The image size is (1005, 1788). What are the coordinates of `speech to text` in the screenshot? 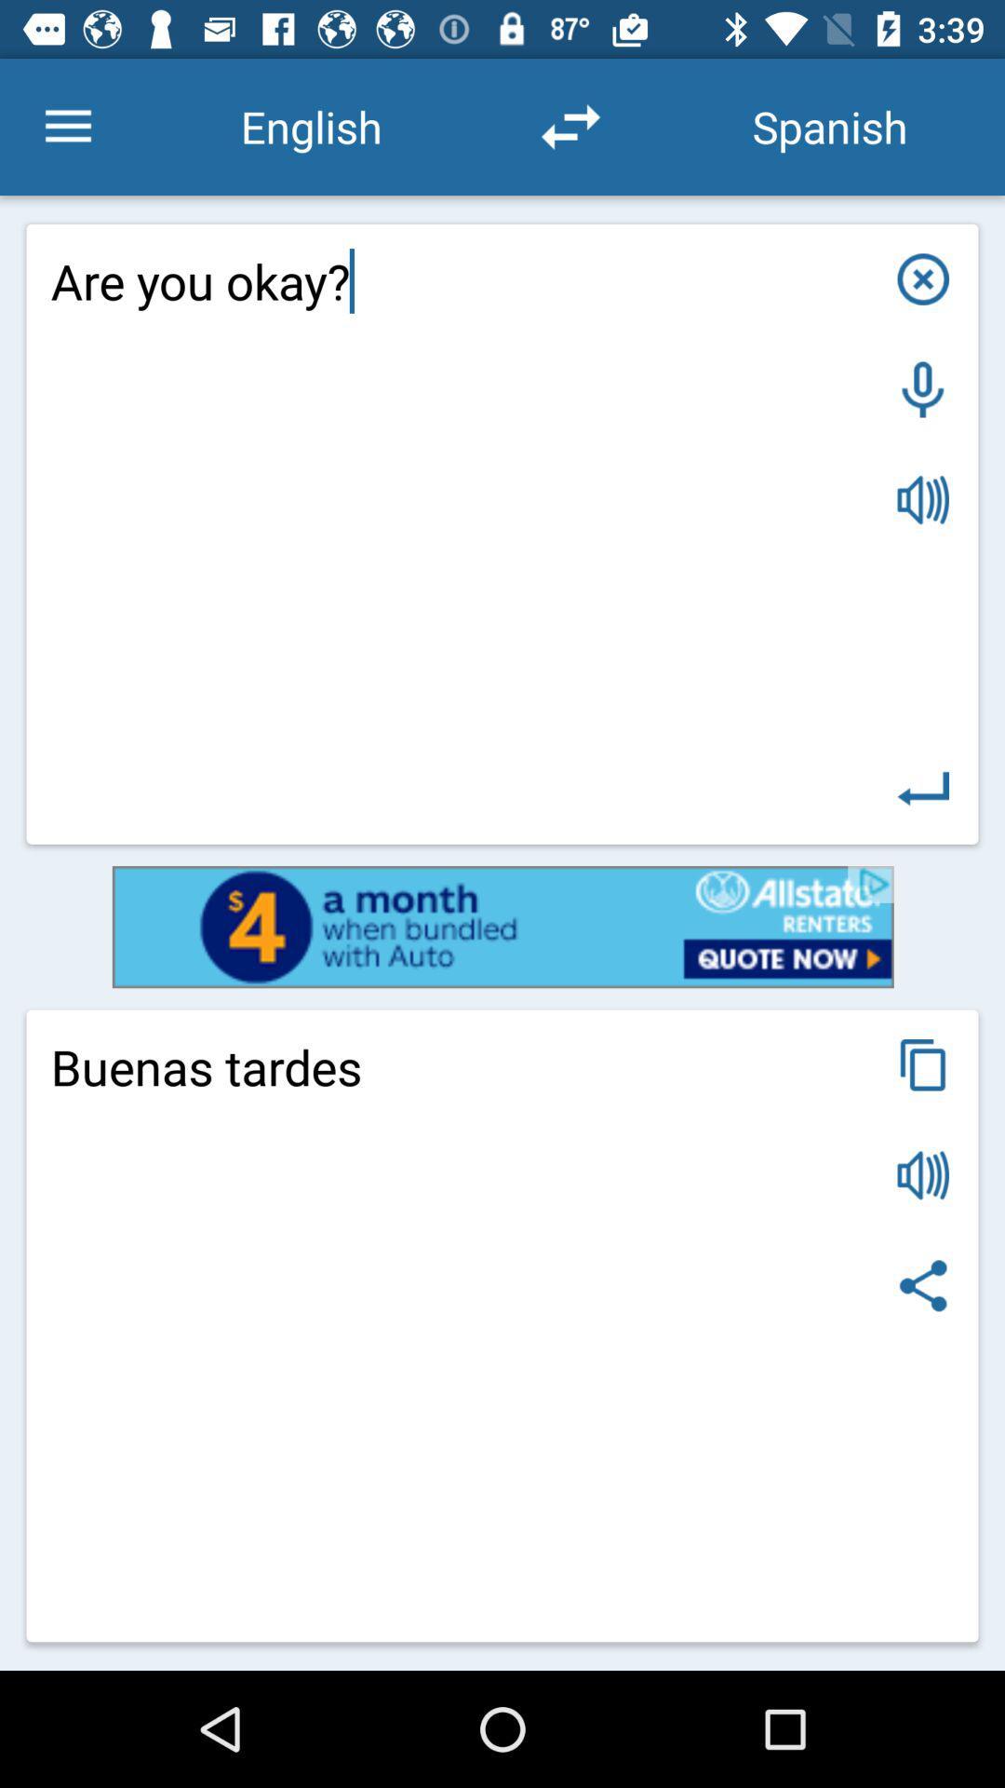 It's located at (923, 388).